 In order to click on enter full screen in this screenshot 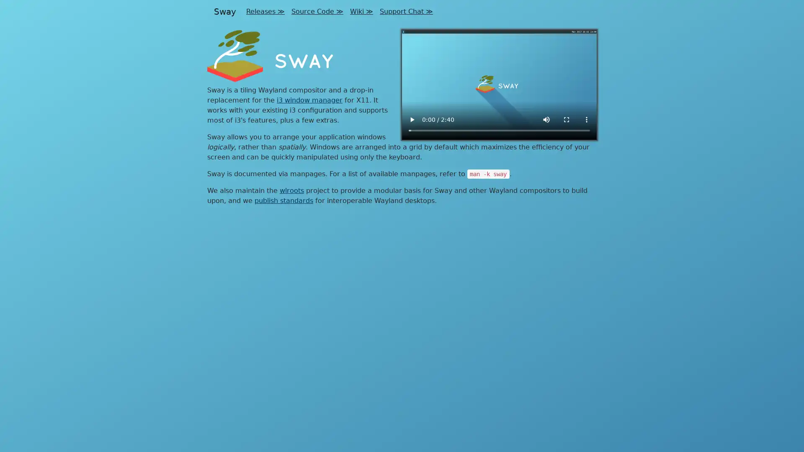, I will do `click(567, 119)`.